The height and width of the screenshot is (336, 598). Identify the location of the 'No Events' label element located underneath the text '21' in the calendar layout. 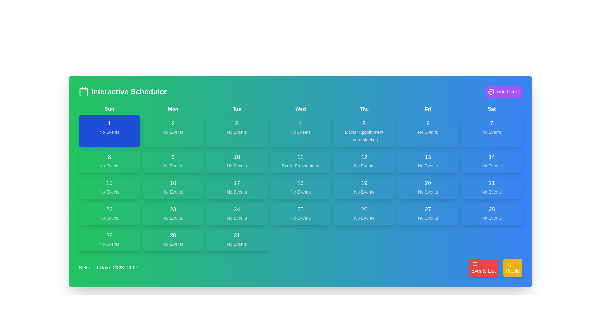
(491, 192).